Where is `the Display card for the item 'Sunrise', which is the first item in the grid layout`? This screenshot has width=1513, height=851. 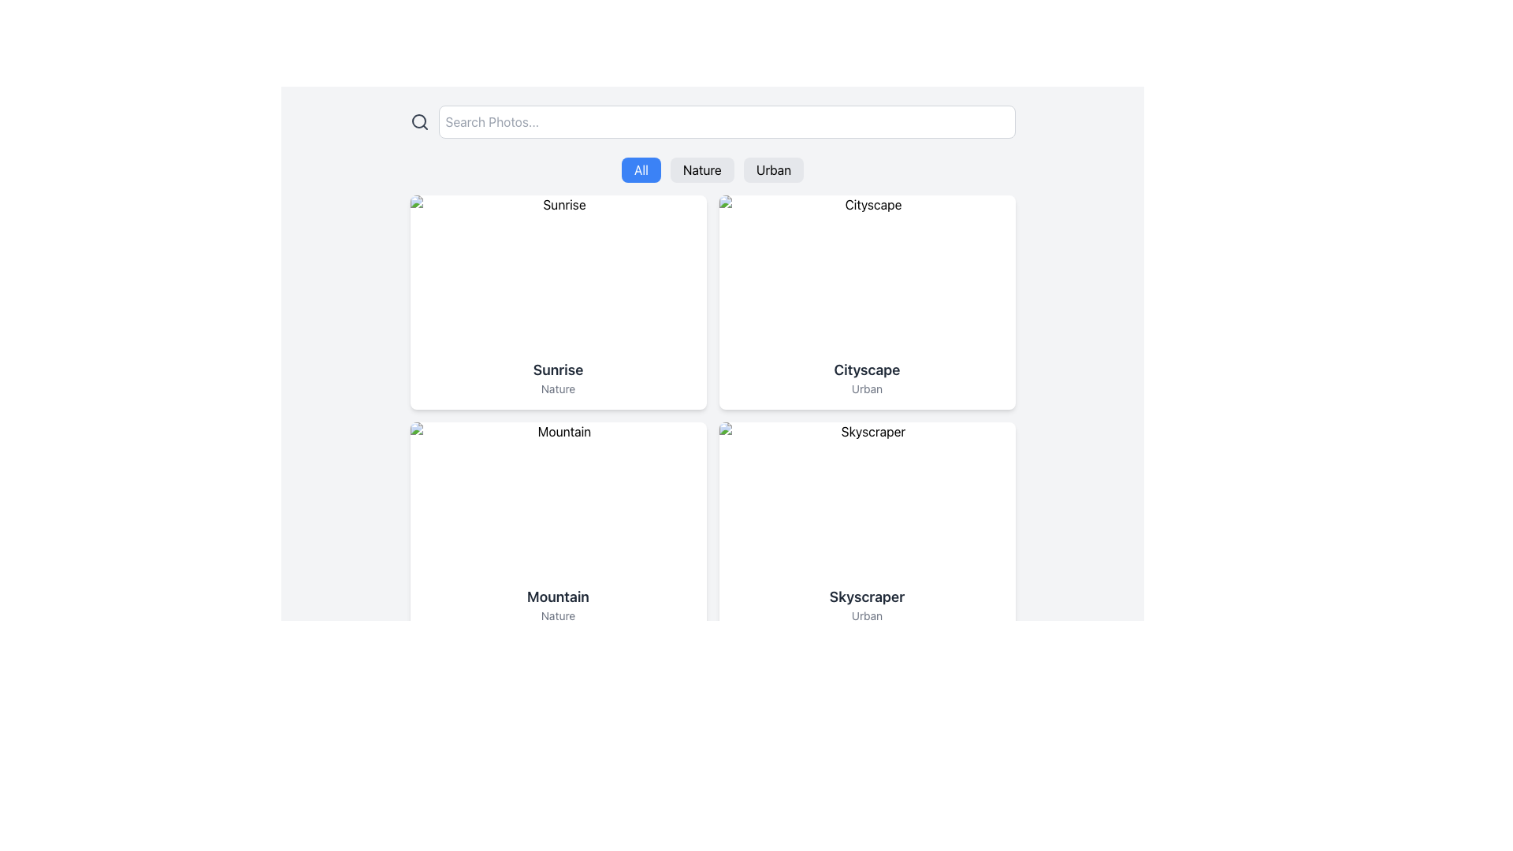 the Display card for the item 'Sunrise', which is the first item in the grid layout is located at coordinates (558, 303).